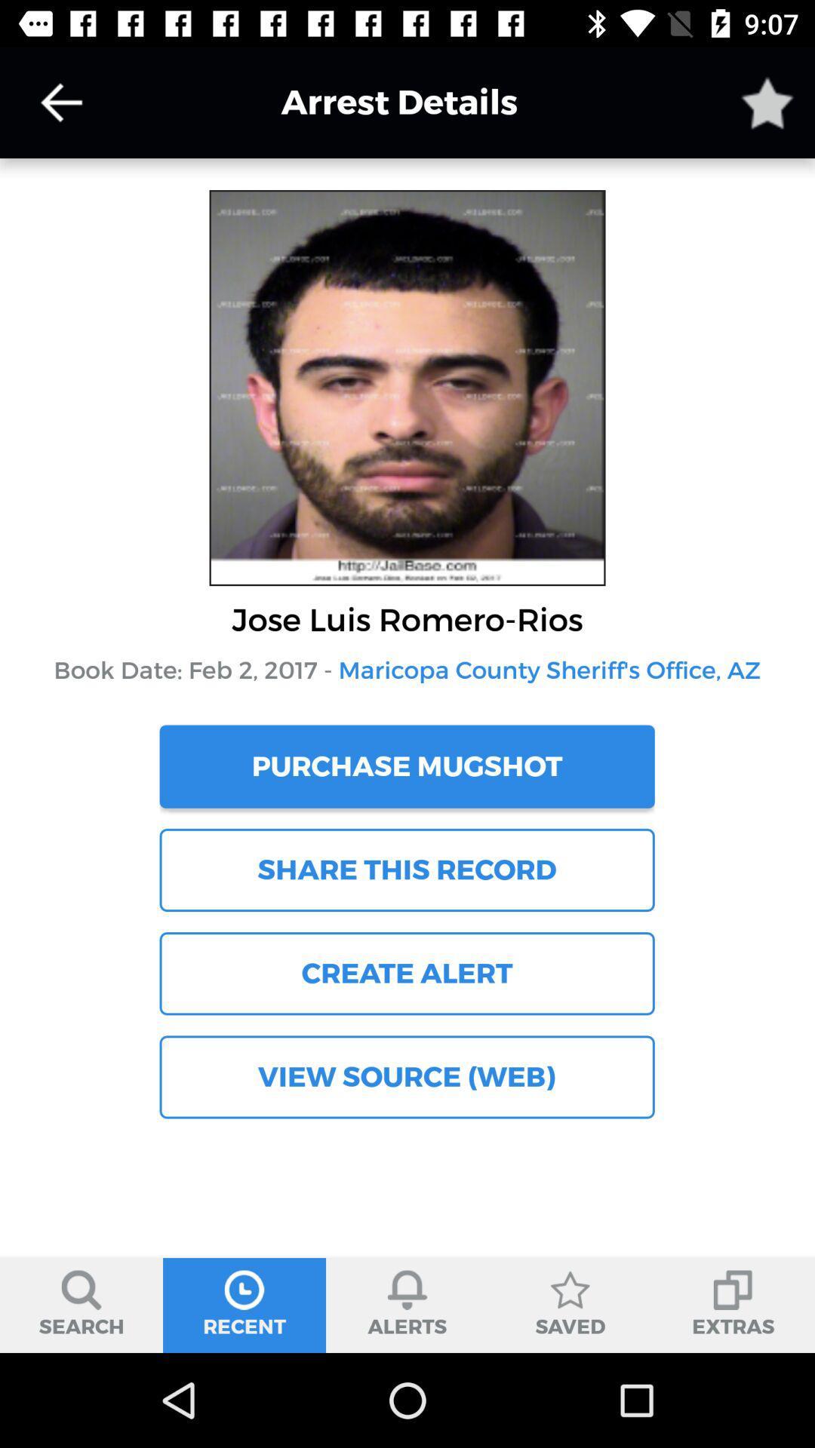  What do you see at coordinates (406, 870) in the screenshot?
I see `the share this record` at bounding box center [406, 870].